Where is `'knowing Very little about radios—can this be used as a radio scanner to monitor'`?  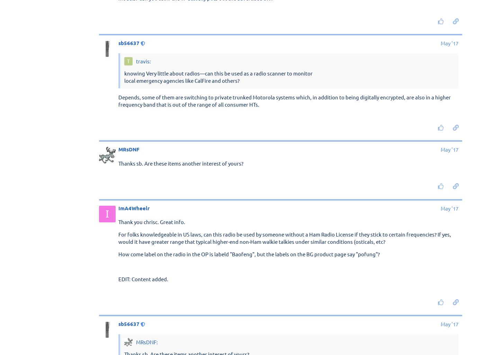
'knowing Very little about radios—can this be used as a radio scanner to monitor' is located at coordinates (218, 73).